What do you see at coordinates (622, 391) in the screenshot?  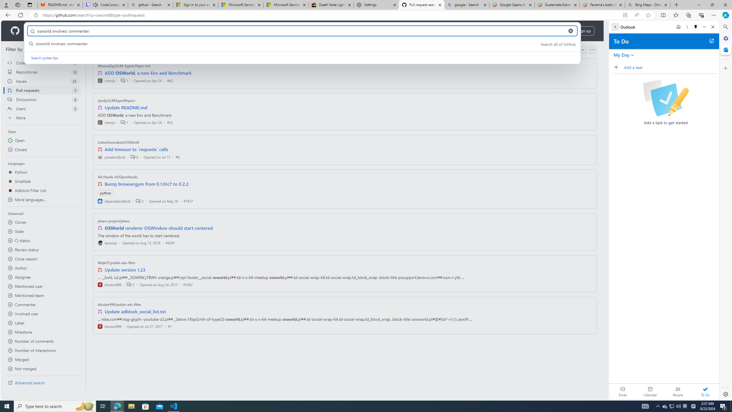 I see `'Email'` at bounding box center [622, 391].